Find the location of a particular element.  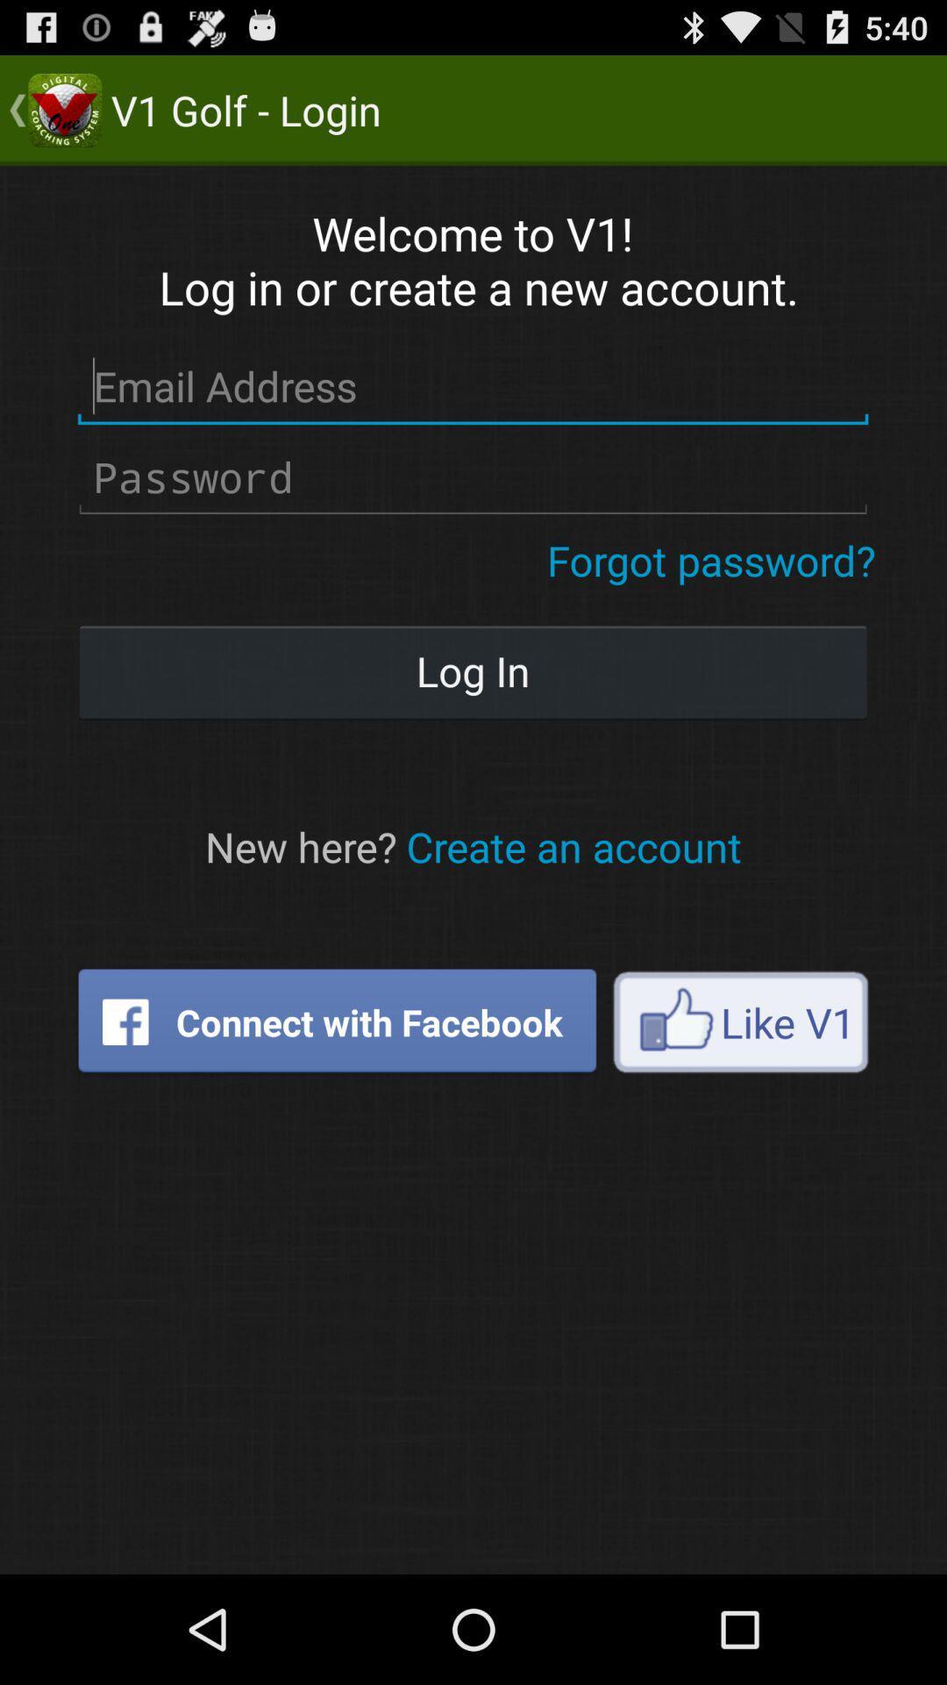

app below the create an account is located at coordinates (740, 1022).